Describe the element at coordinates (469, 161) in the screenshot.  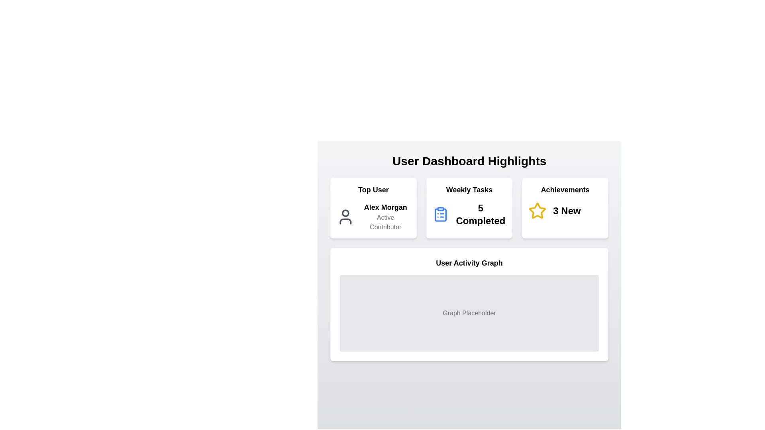
I see `the Label that serves as a heading or title at the top of the dashboard, which is located above the 'Top User', 'Weekly Tasks', and 'Achievements' sections` at that location.